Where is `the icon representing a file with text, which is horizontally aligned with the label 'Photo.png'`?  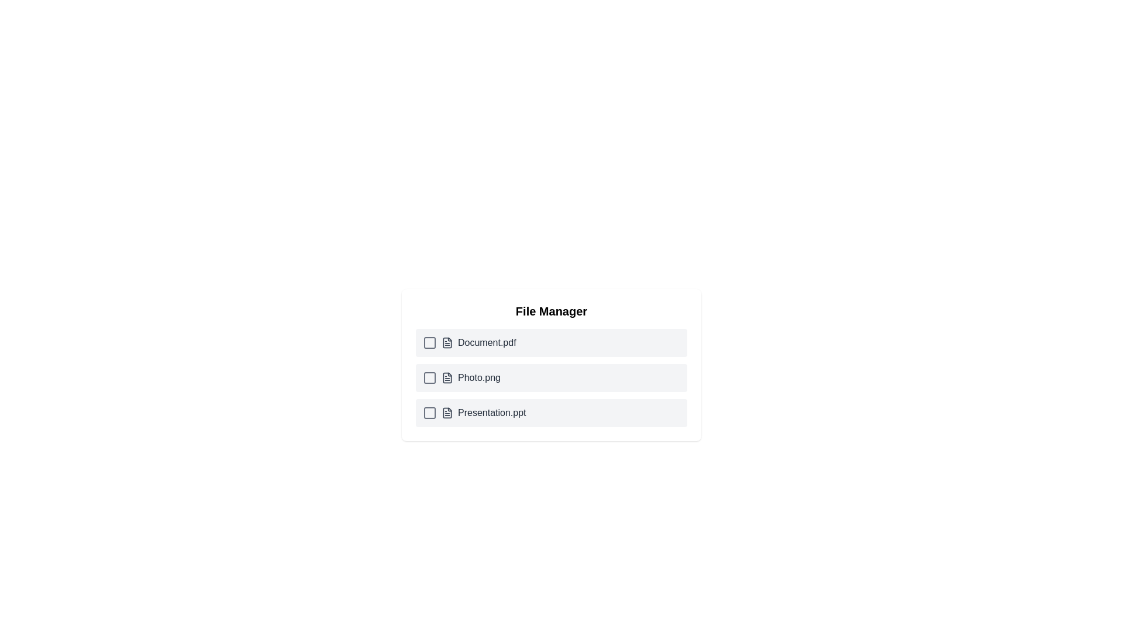 the icon representing a file with text, which is horizontally aligned with the label 'Photo.png' is located at coordinates (446, 378).